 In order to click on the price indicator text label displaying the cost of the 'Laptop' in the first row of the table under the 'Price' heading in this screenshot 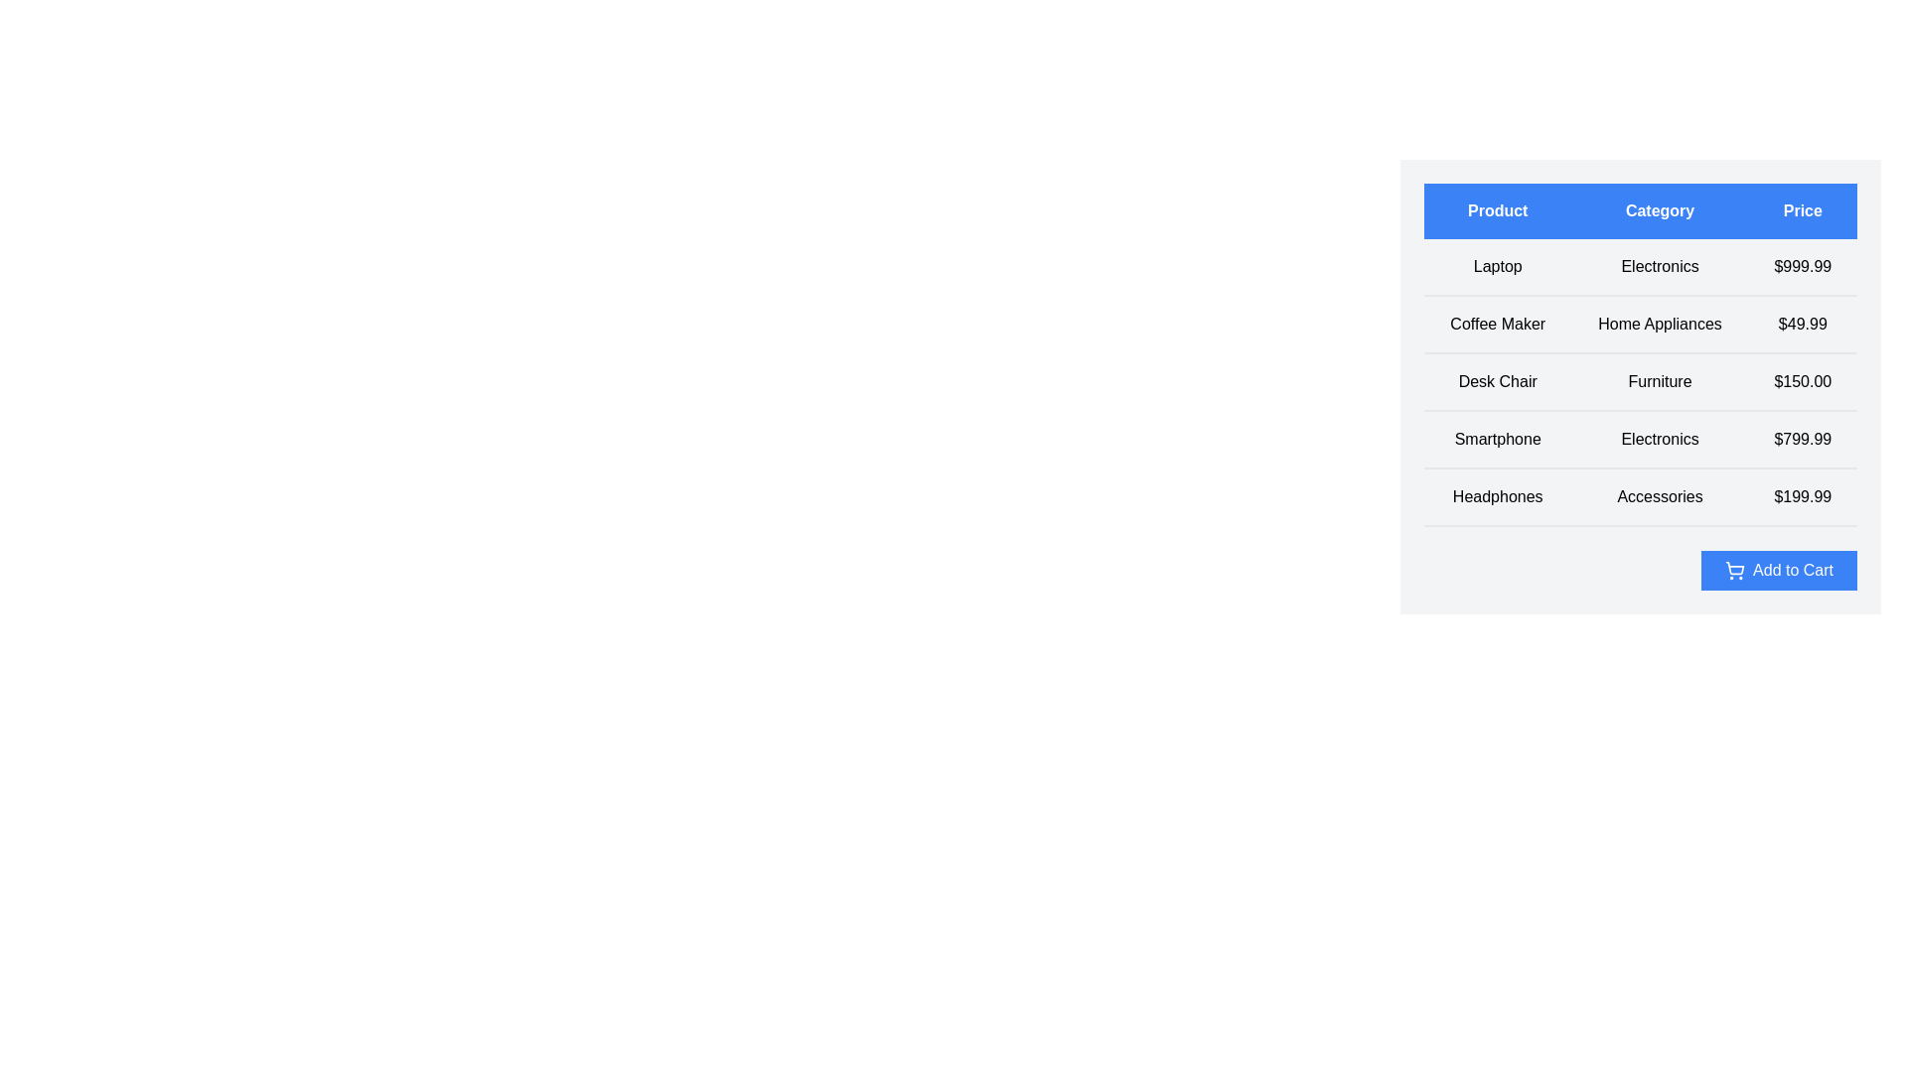, I will do `click(1803, 266)`.